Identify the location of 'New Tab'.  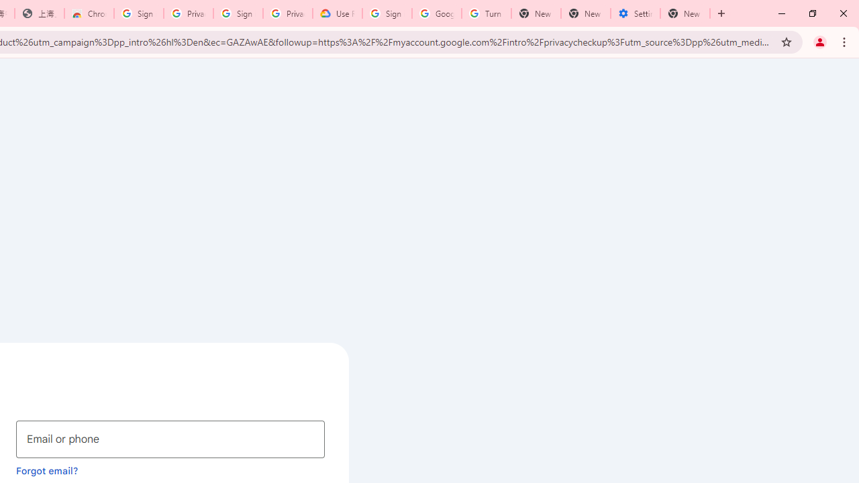
(685, 13).